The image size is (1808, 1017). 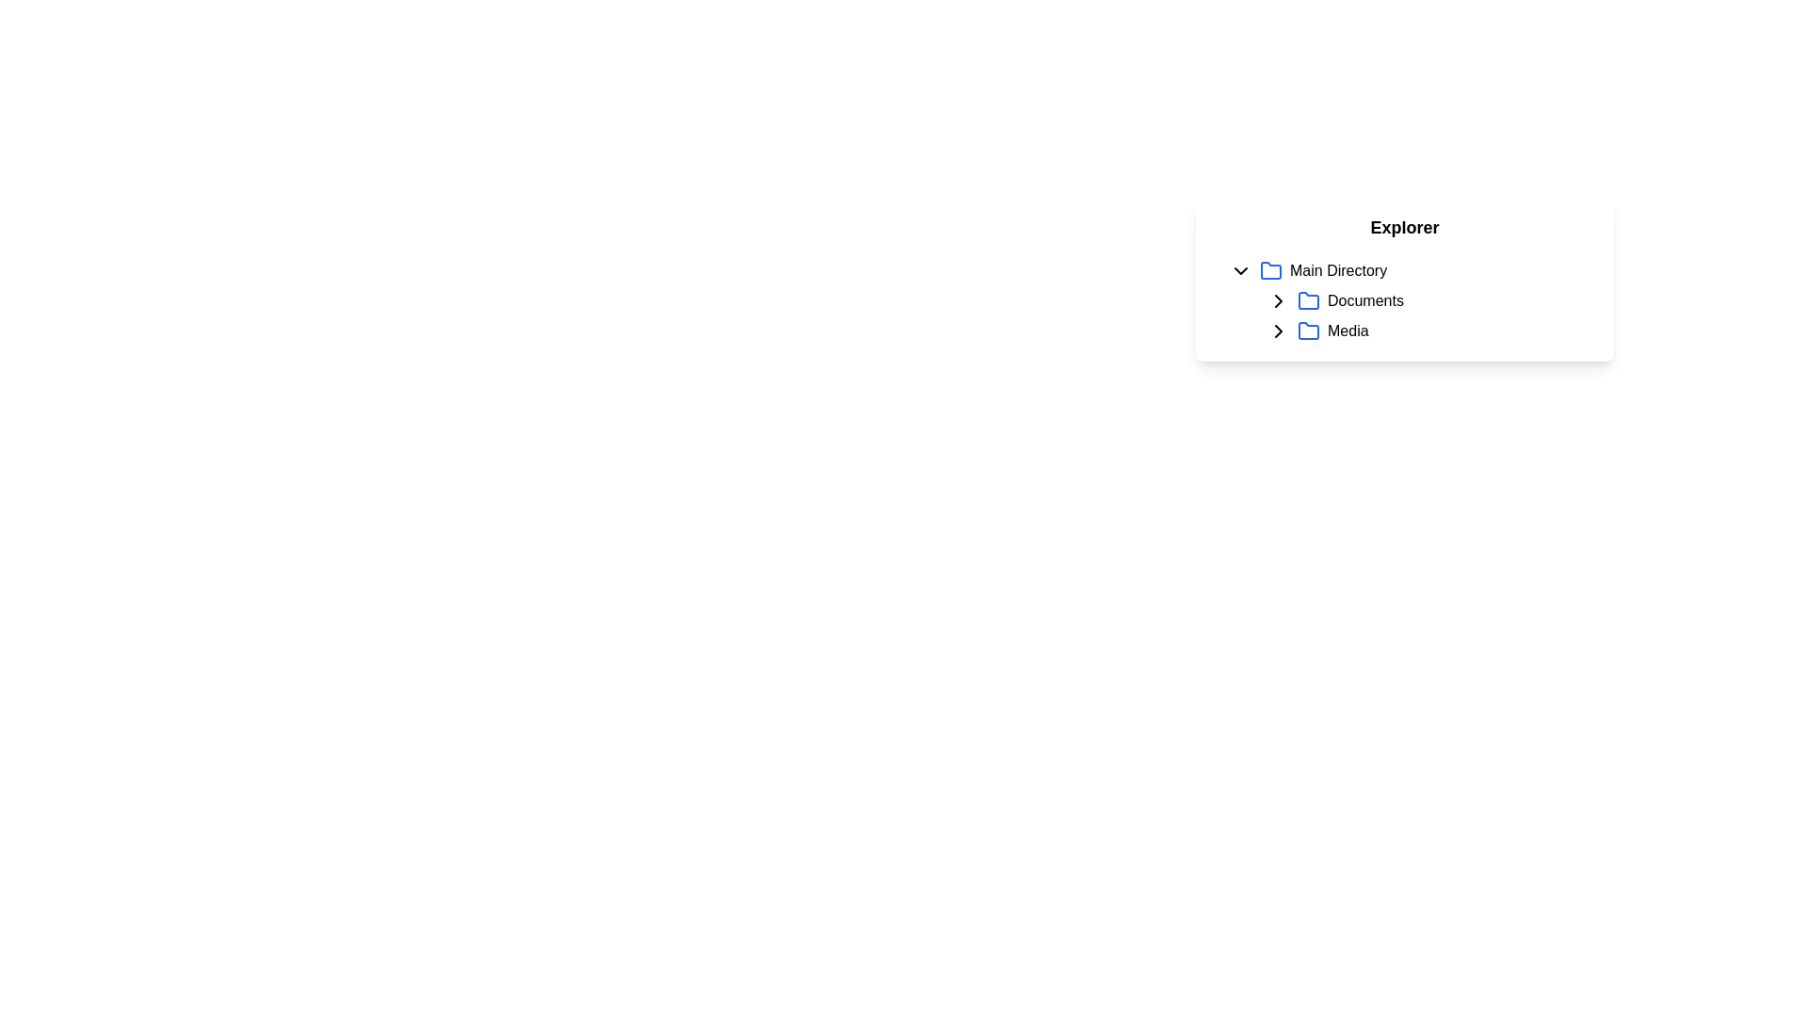 What do you see at coordinates (1431, 330) in the screenshot?
I see `the 'Media' folder representation with the toggle arrow` at bounding box center [1431, 330].